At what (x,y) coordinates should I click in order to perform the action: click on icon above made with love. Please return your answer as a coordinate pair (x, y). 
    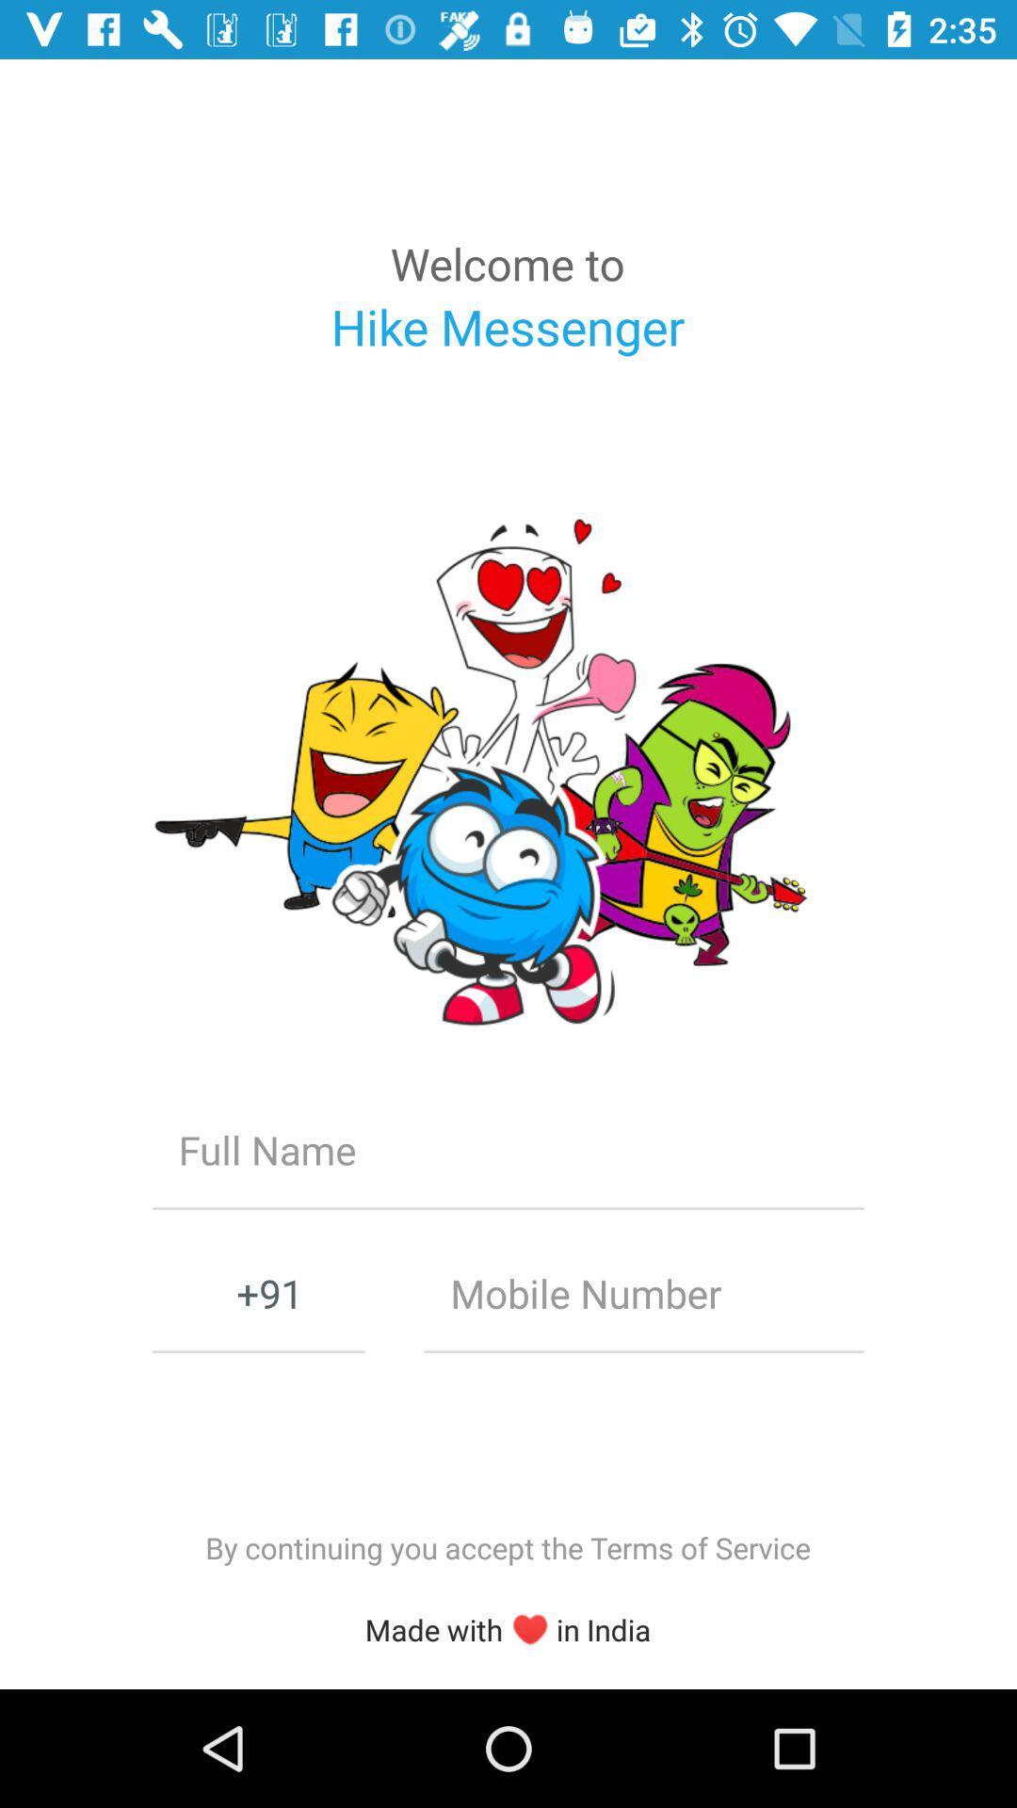
    Looking at the image, I should click on (507, 1547).